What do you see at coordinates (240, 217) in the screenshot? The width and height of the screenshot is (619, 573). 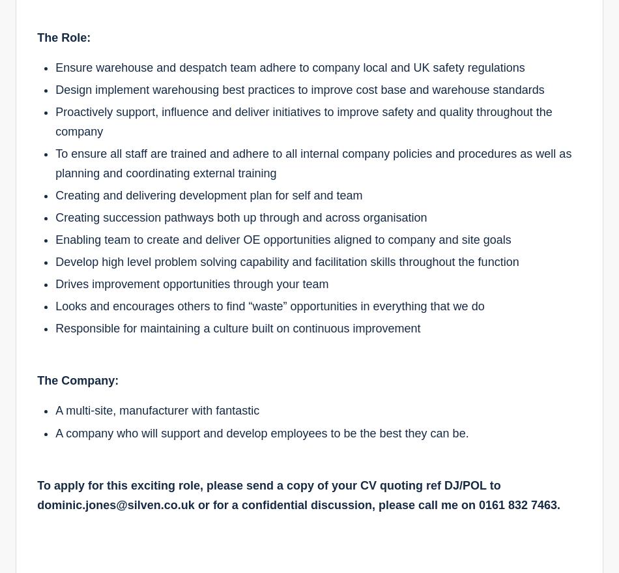 I see `'Creating succession pathways both up through and across organisation'` at bounding box center [240, 217].